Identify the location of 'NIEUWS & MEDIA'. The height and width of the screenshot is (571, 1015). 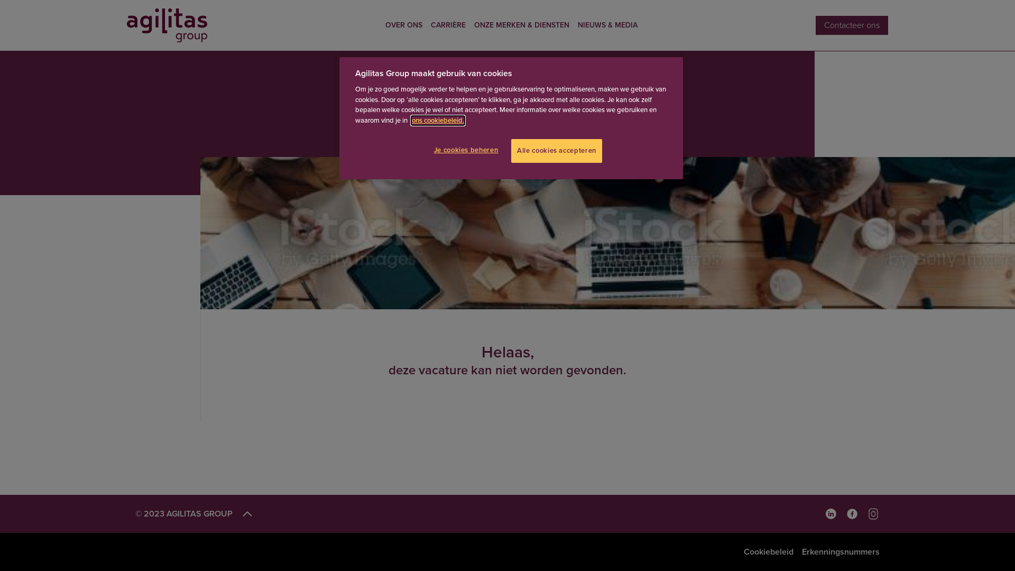
(607, 24).